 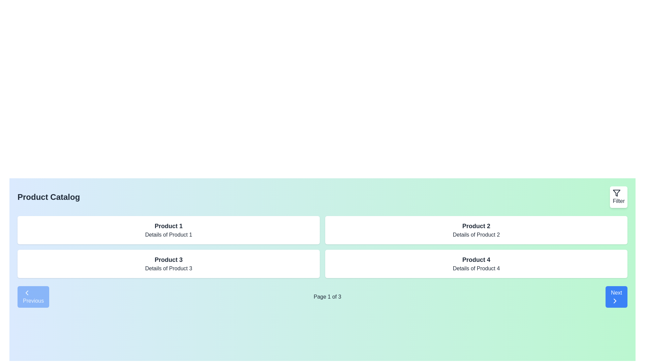 I want to click on the text display indicating 'Page 1 of 3', which is centrally located in the pagination bar between the 'Previous' and 'Next' buttons, so click(x=322, y=296).